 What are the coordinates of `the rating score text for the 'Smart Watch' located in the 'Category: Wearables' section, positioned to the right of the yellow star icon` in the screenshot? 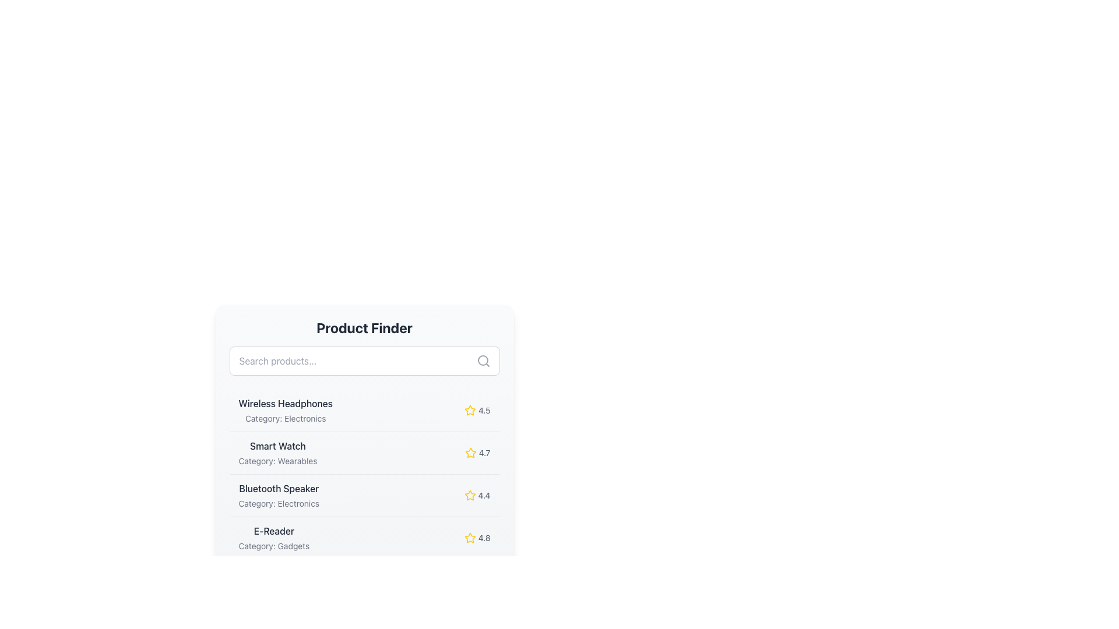 It's located at (484, 453).